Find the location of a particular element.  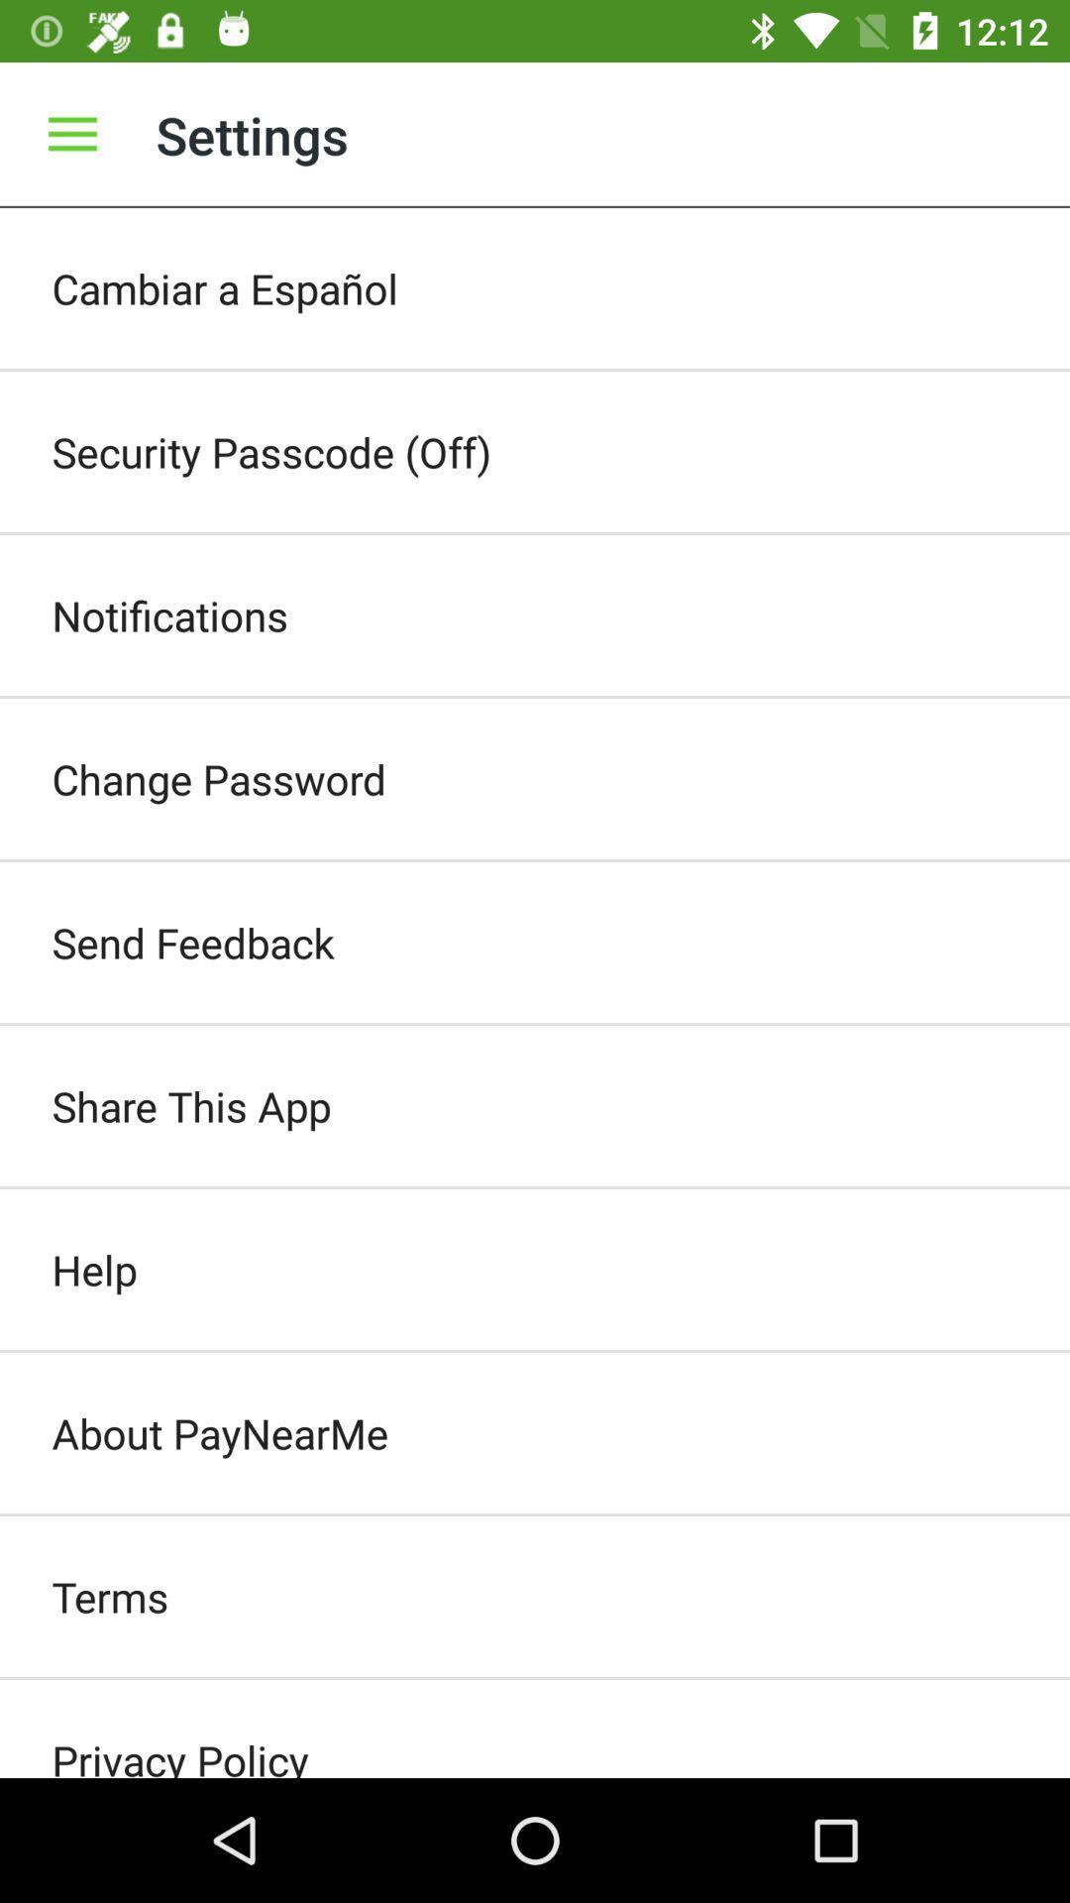

the send feedback item is located at coordinates (535, 941).